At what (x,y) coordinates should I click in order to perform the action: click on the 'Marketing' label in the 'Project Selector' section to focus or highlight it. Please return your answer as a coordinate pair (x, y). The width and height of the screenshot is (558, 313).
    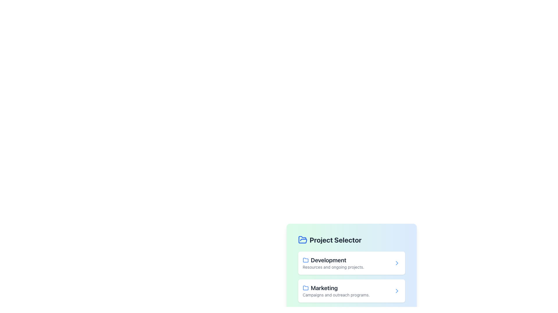
    Looking at the image, I should click on (336, 291).